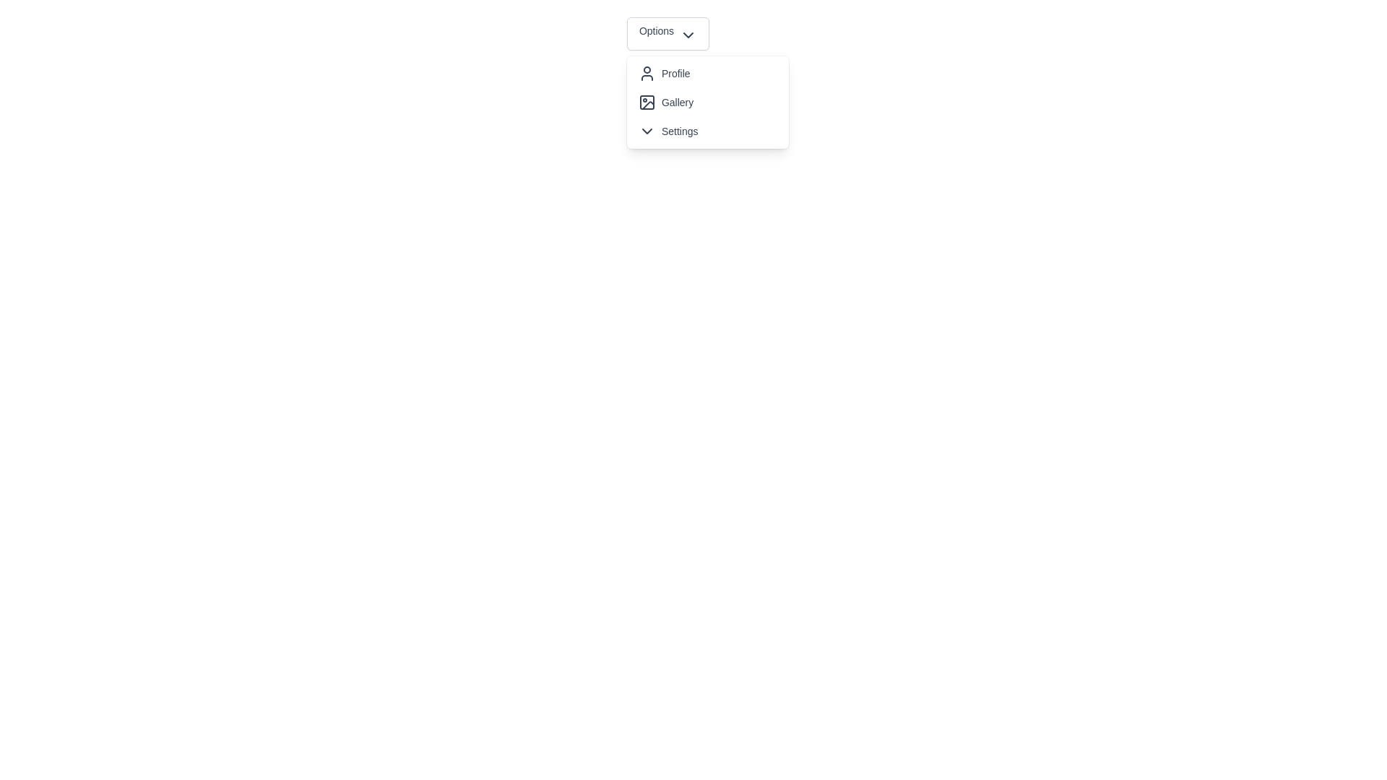 Image resolution: width=1387 pixels, height=780 pixels. Describe the element at coordinates (646, 102) in the screenshot. I see `the icon representing the 'Gallery' menu option in the dropdown menu, which is positioned to the left of the 'Gallery' text` at that location.